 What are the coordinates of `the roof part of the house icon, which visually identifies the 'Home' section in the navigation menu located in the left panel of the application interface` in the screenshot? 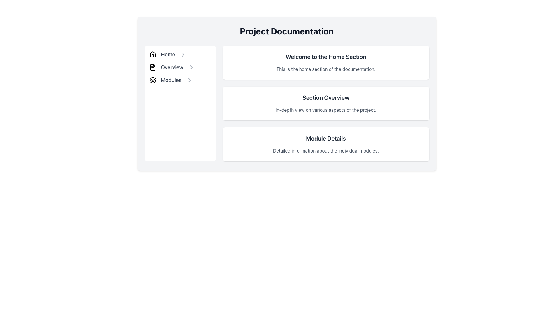 It's located at (153, 54).